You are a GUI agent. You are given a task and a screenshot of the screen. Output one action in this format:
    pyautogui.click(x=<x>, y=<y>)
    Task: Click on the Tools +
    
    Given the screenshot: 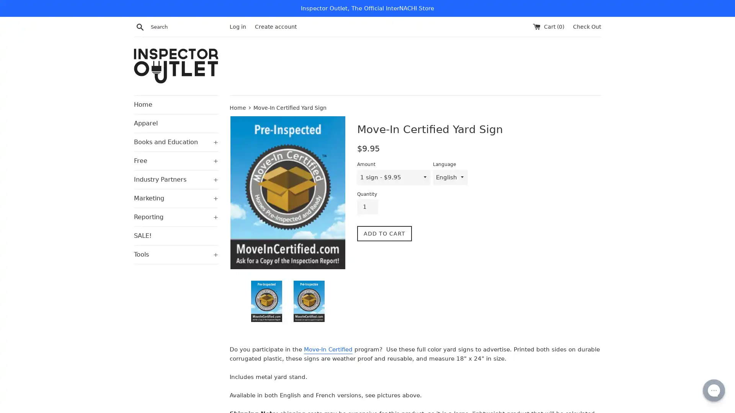 What is the action you would take?
    pyautogui.click(x=176, y=254)
    